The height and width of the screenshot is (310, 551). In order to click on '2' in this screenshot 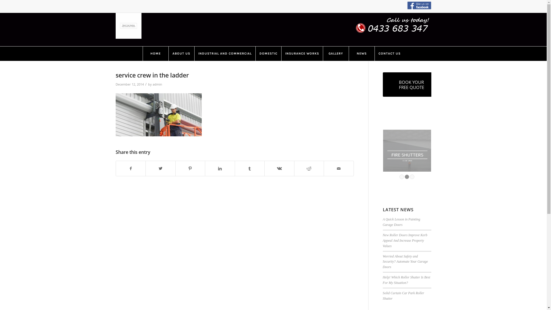, I will do `click(406, 177)`.